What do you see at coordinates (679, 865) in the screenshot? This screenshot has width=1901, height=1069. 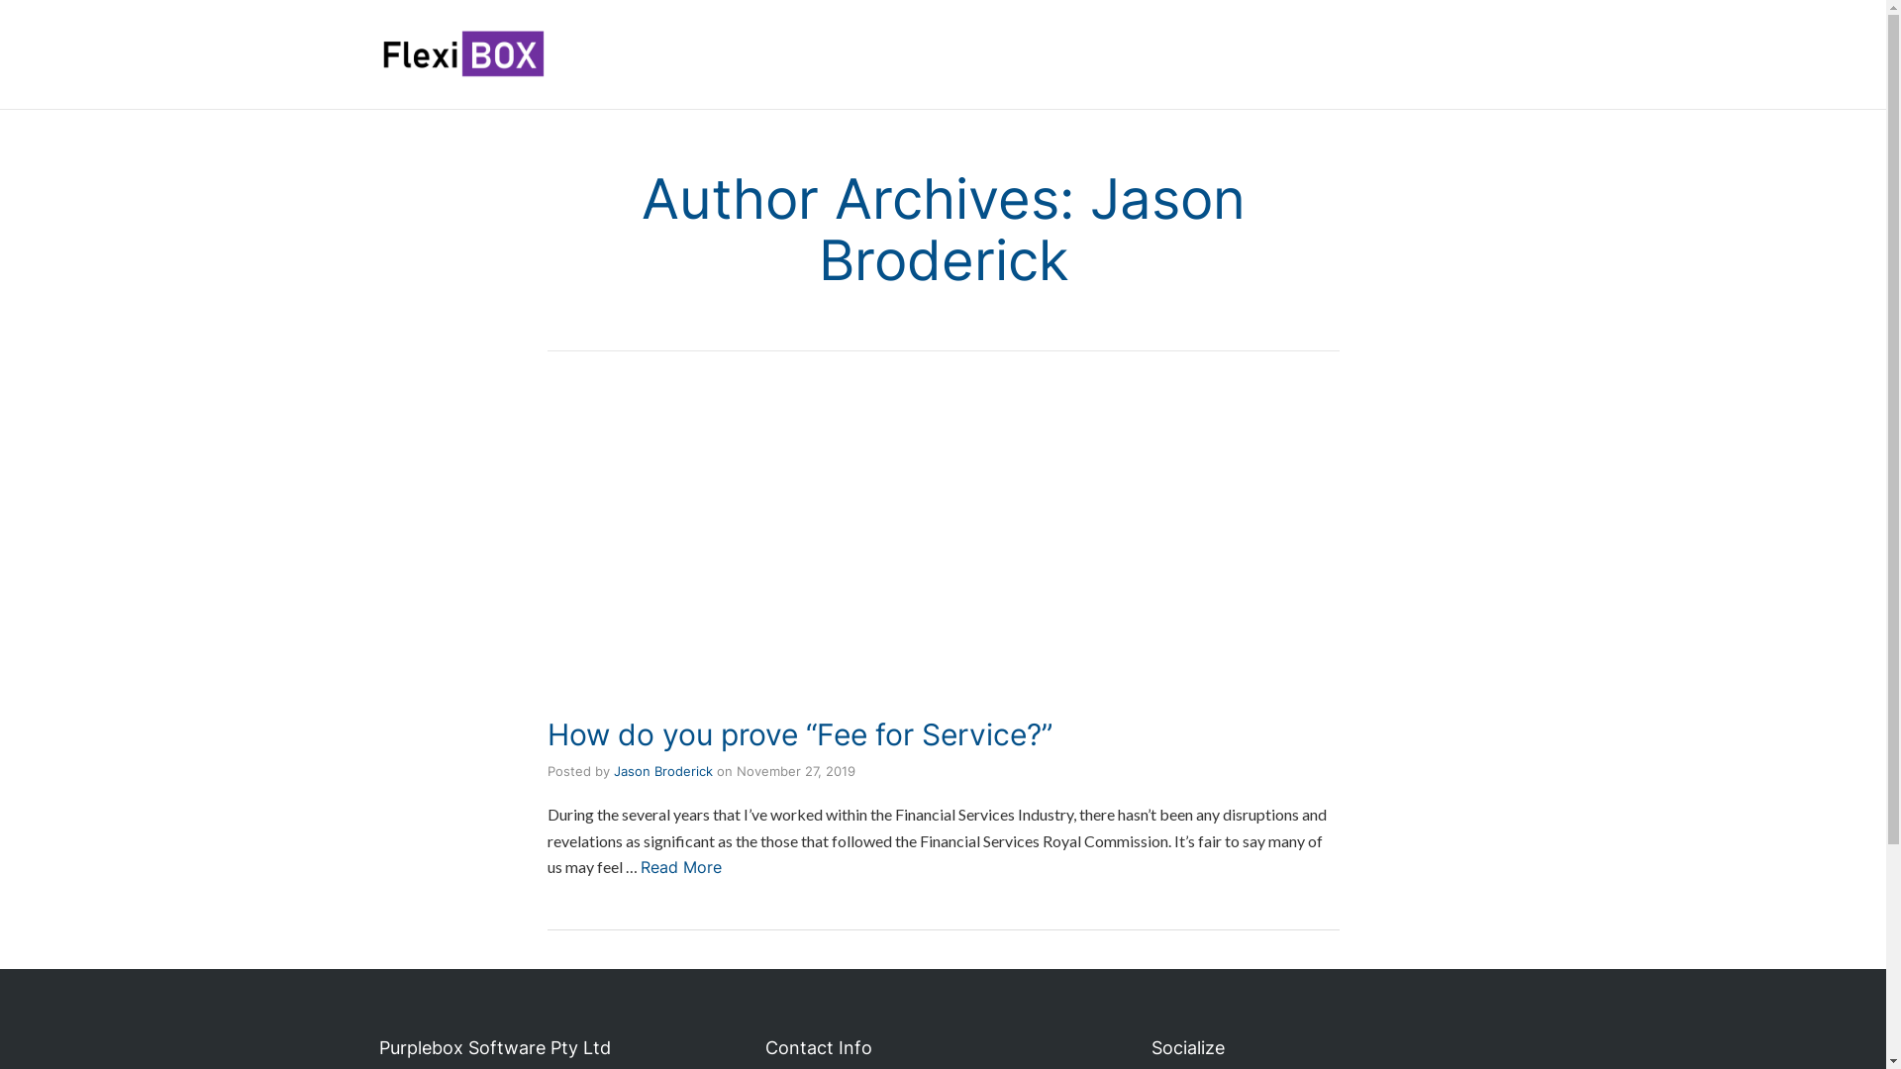 I see `'Read More'` at bounding box center [679, 865].